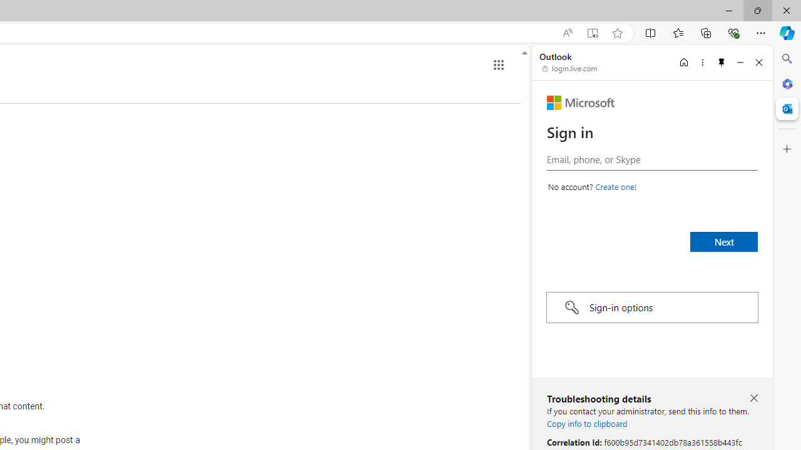 The height and width of the screenshot is (450, 801). I want to click on 'Close Search pane', so click(787, 59).